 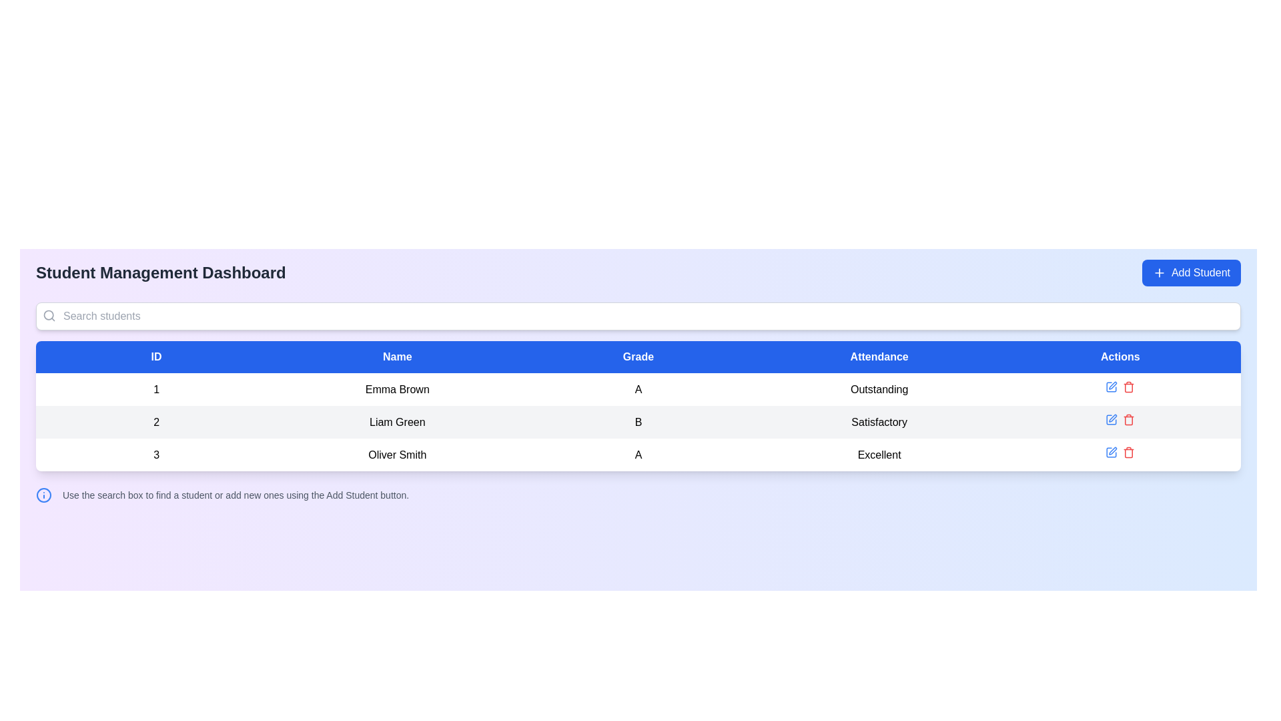 I want to click on the Text label displaying the name 'Liam Green' in the student management system, which is located in the second cell of the row labeled '2' under the 'Name' column, so click(x=396, y=422).